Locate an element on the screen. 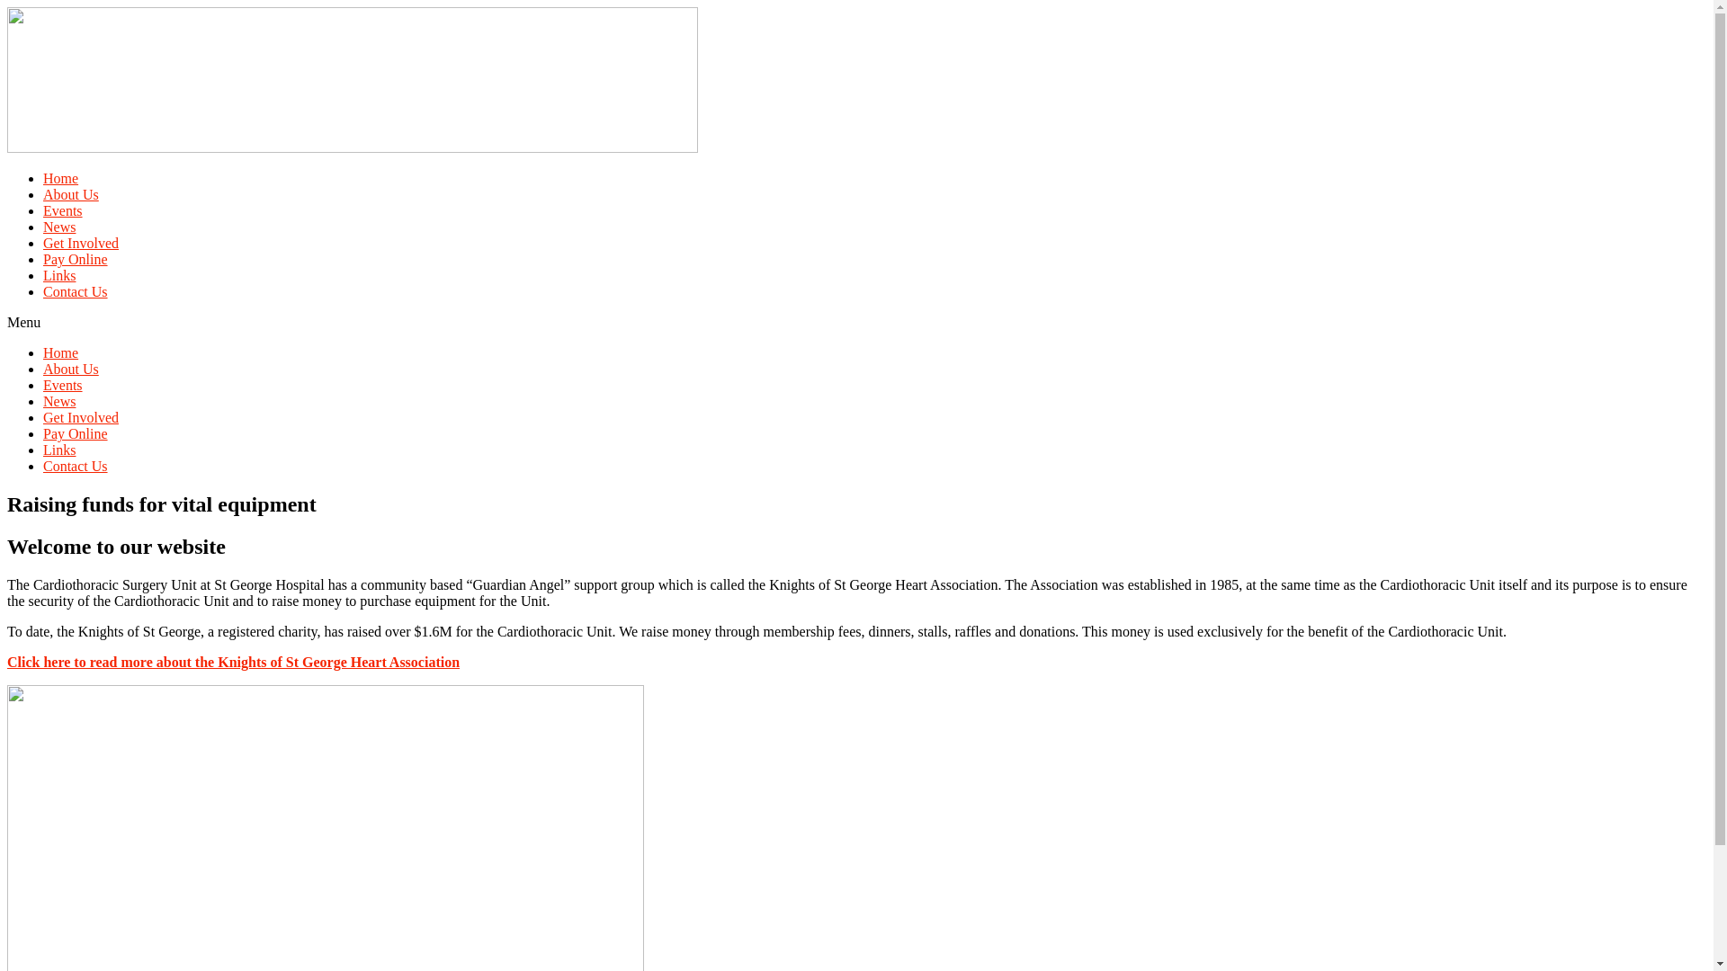  'Get Involved' is located at coordinates (80, 243).